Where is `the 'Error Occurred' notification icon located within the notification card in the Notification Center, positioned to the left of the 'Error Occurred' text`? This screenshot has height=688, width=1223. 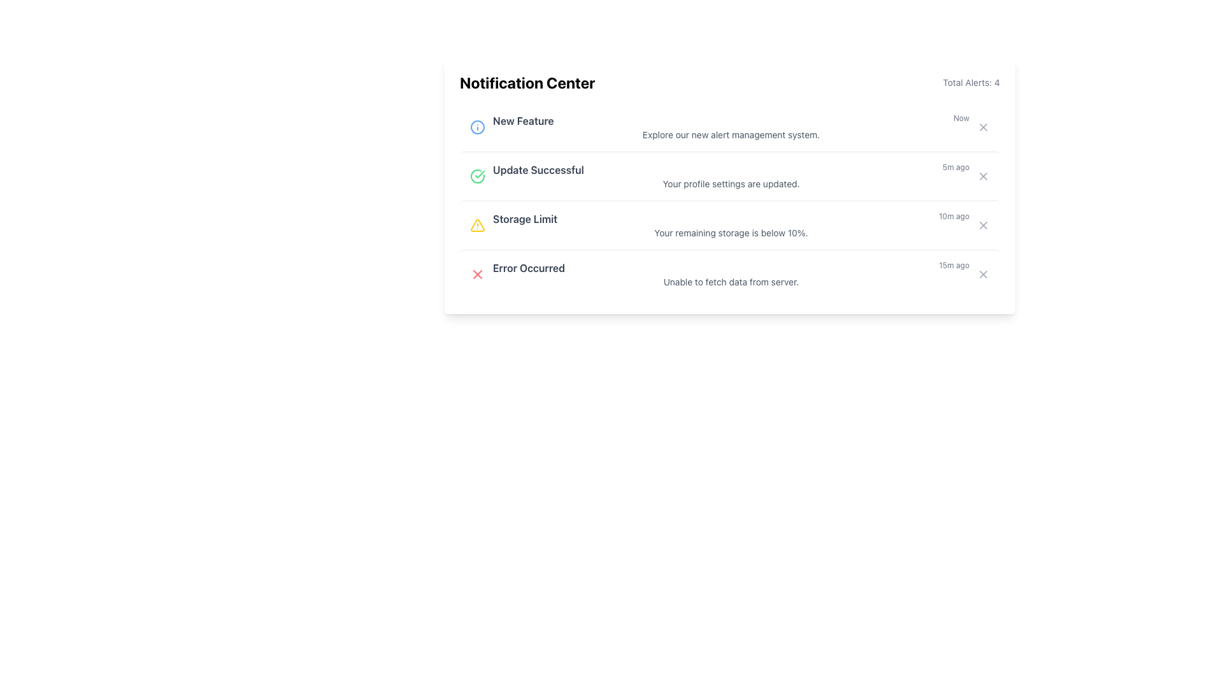 the 'Error Occurred' notification icon located within the notification card in the Notification Center, positioned to the left of the 'Error Occurred' text is located at coordinates (476, 274).